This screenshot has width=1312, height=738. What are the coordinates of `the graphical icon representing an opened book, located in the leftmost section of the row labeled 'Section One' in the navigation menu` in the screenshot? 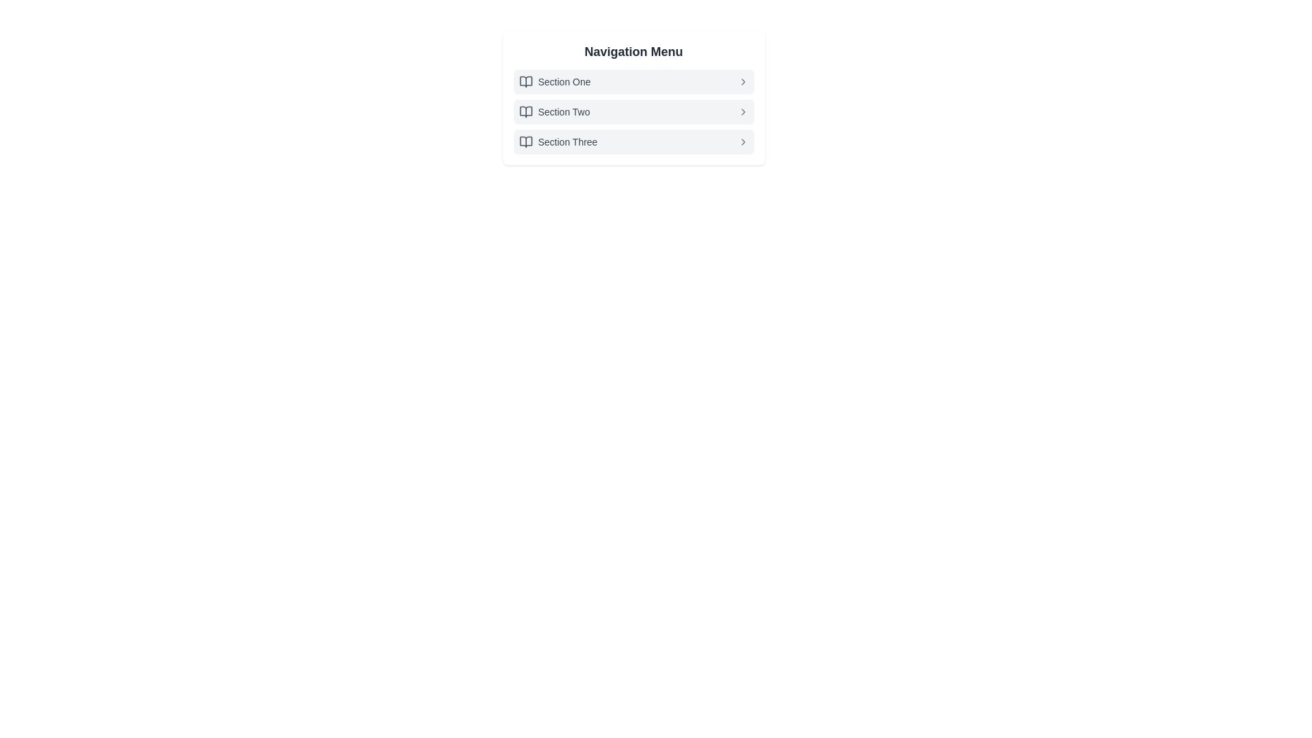 It's located at (525, 81).